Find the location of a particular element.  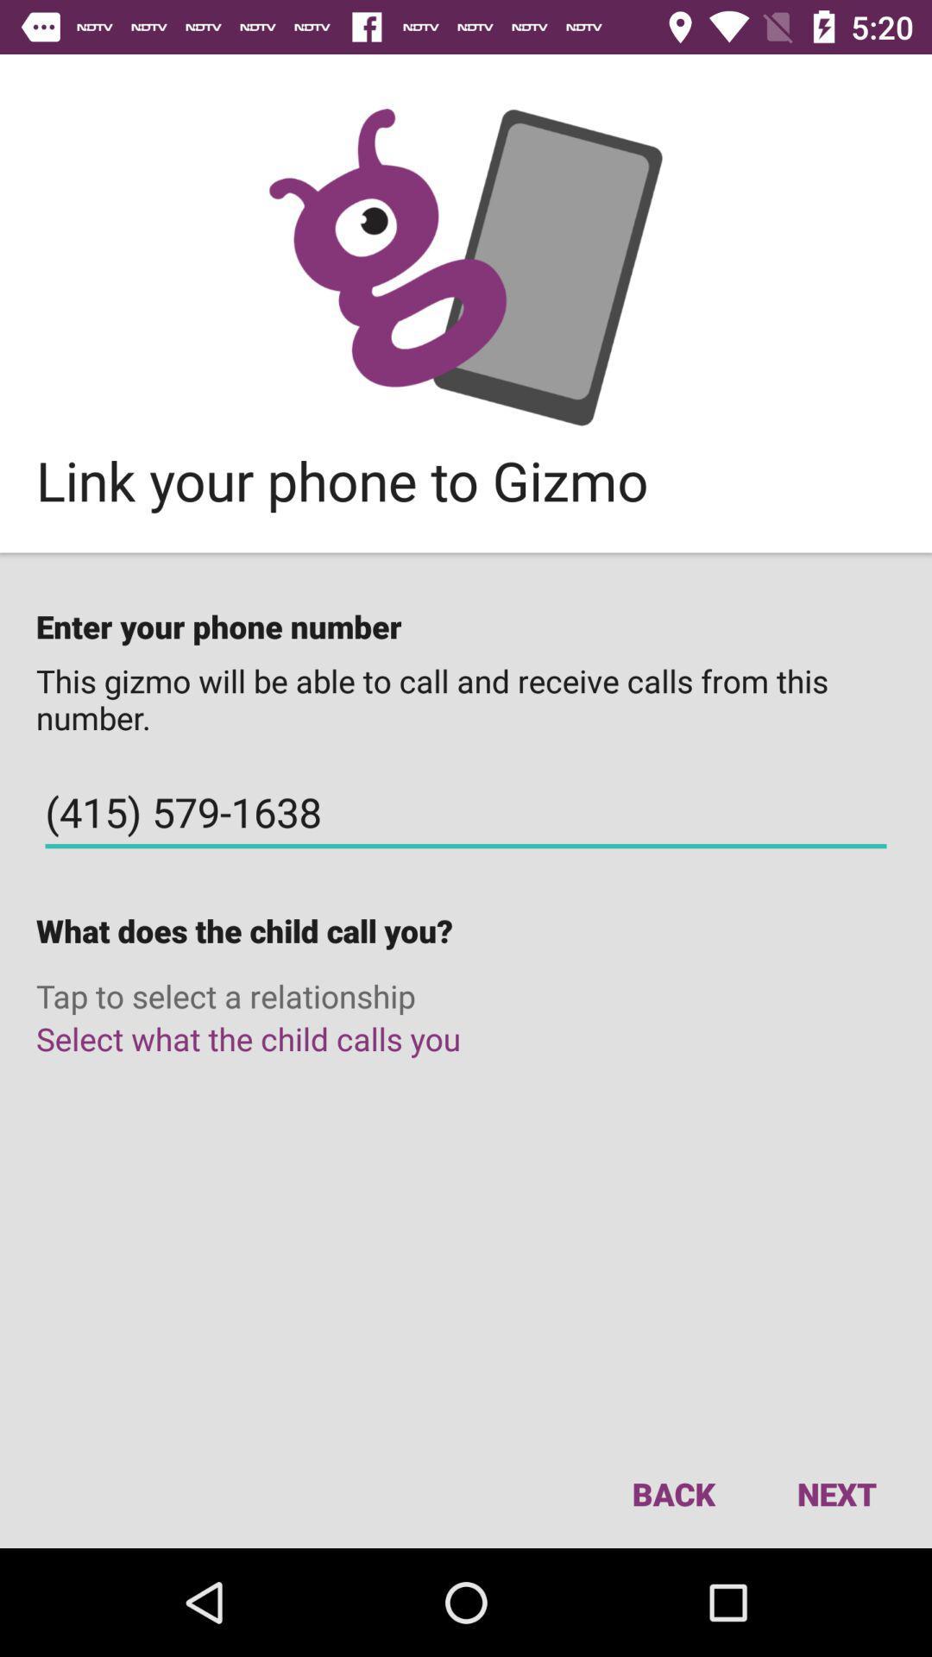

the back is located at coordinates (672, 1493).